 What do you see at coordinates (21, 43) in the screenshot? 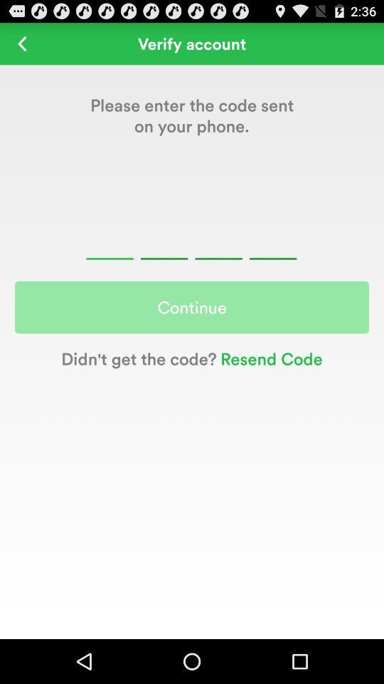
I see `the icon to the left of the verify account item` at bounding box center [21, 43].